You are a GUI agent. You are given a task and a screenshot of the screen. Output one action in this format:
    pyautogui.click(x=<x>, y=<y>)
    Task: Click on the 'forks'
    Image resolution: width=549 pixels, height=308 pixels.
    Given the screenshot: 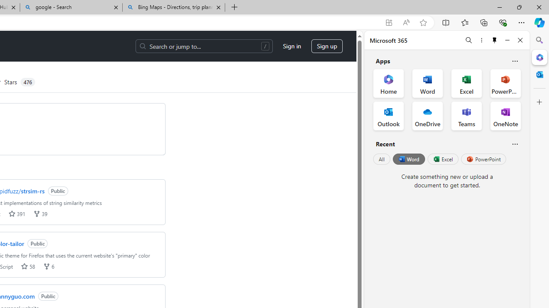 What is the action you would take?
    pyautogui.click(x=46, y=266)
    